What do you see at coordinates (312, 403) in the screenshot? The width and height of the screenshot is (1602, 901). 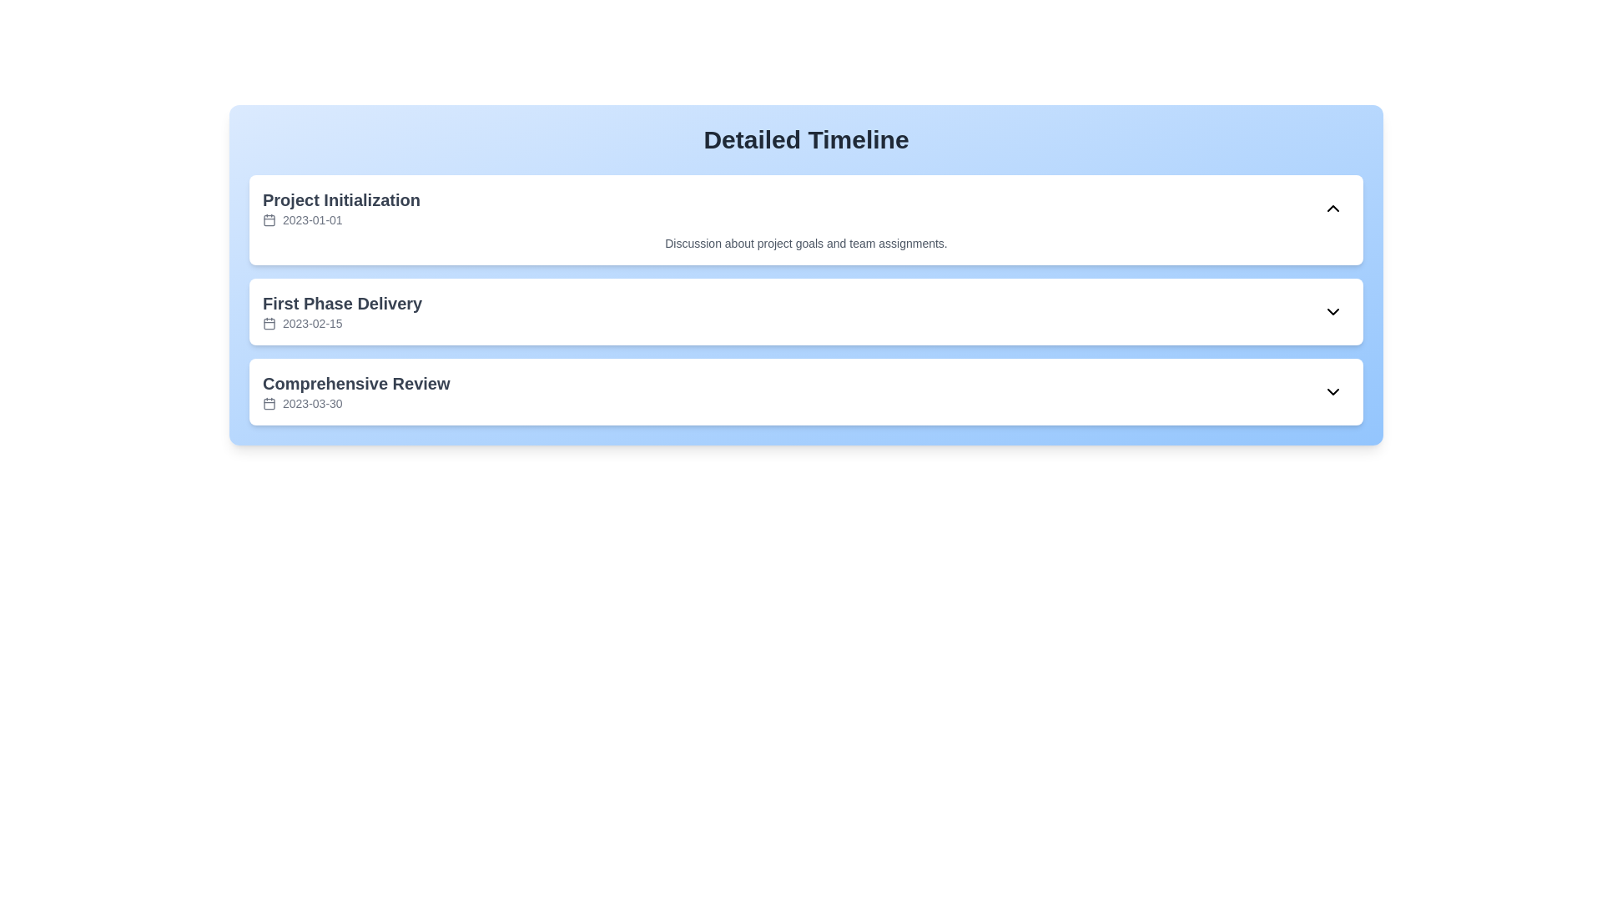 I see `the static text label displaying the date '2023-03-30' associated with the 'Comprehensive Review' milestone in the timeline` at bounding box center [312, 403].